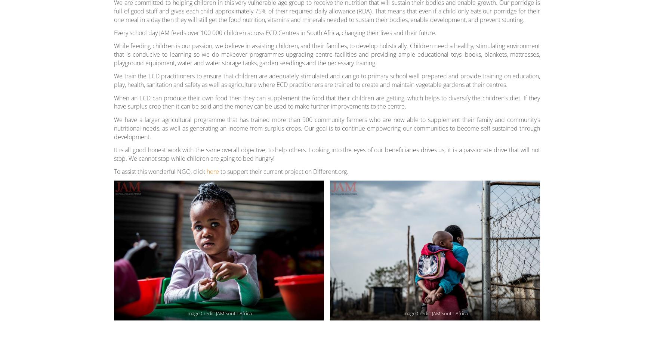 This screenshot has height=338, width=654. What do you see at coordinates (327, 80) in the screenshot?
I see `'We train the ECD practitioners to ensure that children are adequately stimulated and can go to primary school well prepared and provide training on education, play, health, sanitation and safety as well as agriculture where ECD practitioners are trained to create and maintain vegetable gardens at their centres.'` at bounding box center [327, 80].